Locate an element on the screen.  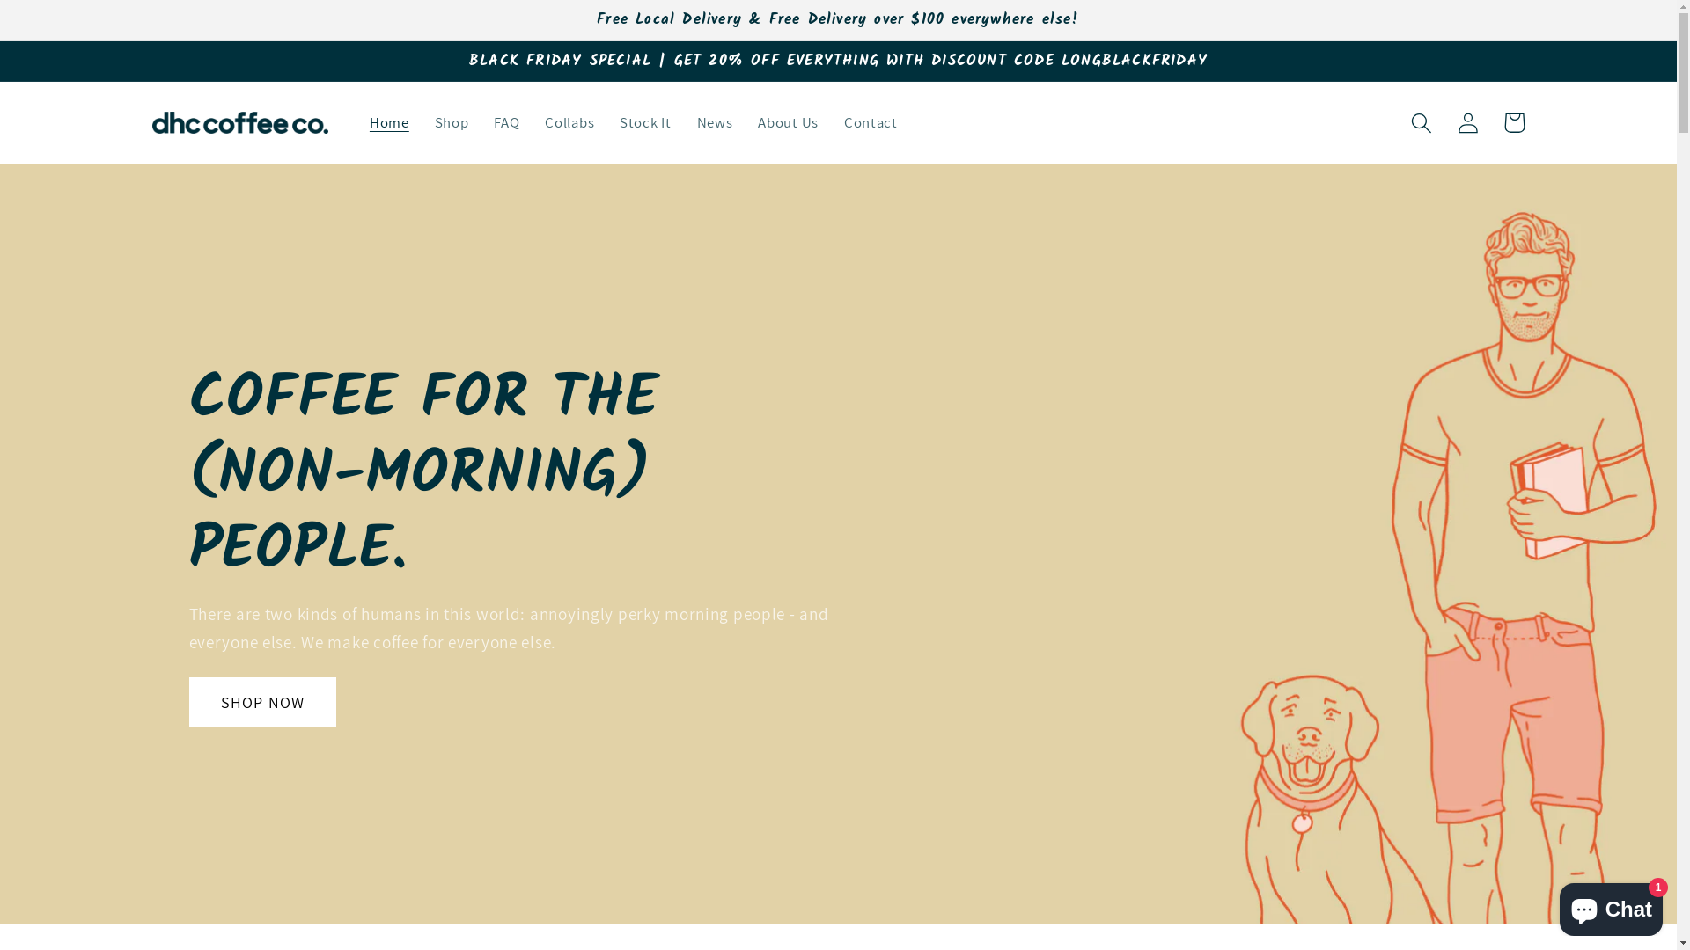
'Home' is located at coordinates (388, 121).